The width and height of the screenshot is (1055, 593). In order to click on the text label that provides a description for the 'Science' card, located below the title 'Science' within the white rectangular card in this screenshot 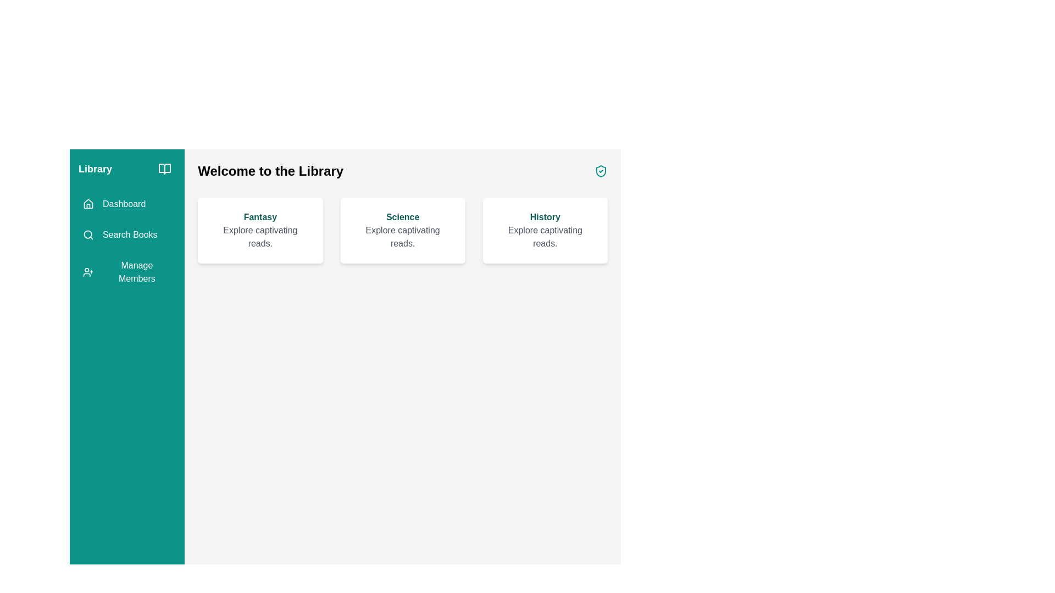, I will do `click(402, 237)`.